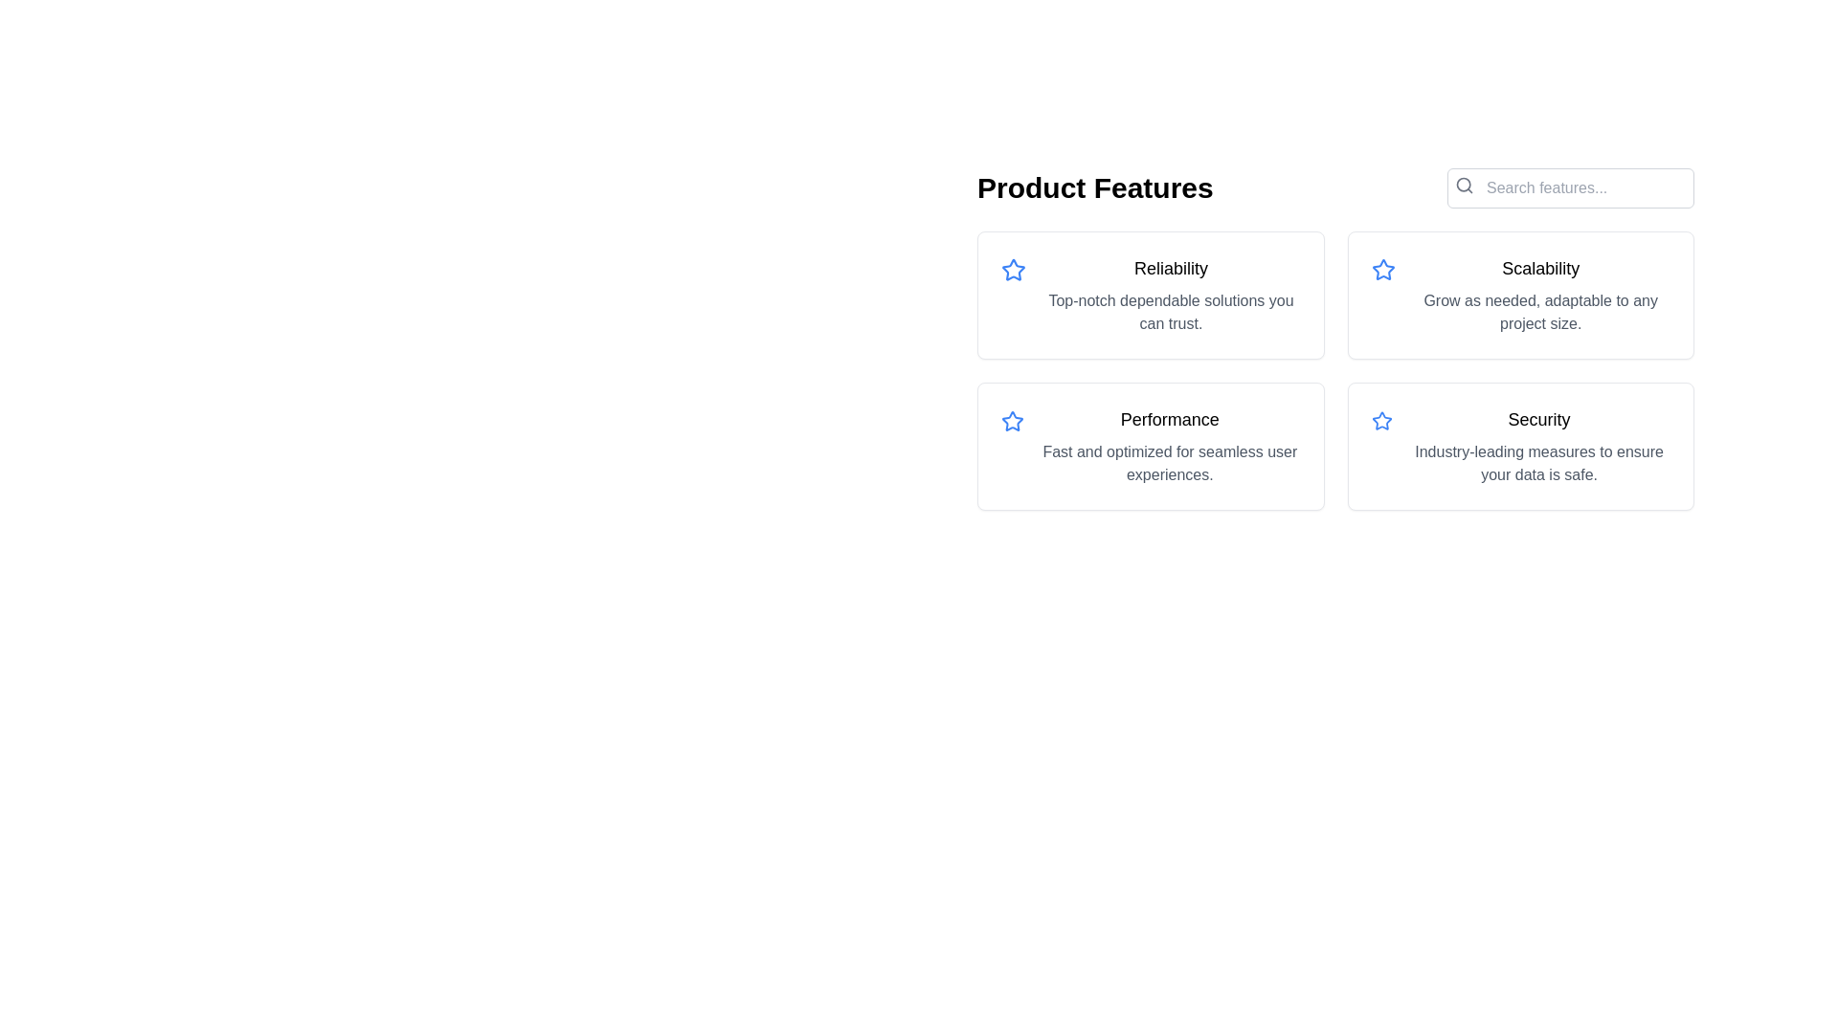 This screenshot has width=1838, height=1033. What do you see at coordinates (1539, 464) in the screenshot?
I see `textual content block displaying 'Industry-leading measures to ensure your data is safe.' located beneath the title 'Security' in the bottom-right quadrant of the feature boxes` at bounding box center [1539, 464].